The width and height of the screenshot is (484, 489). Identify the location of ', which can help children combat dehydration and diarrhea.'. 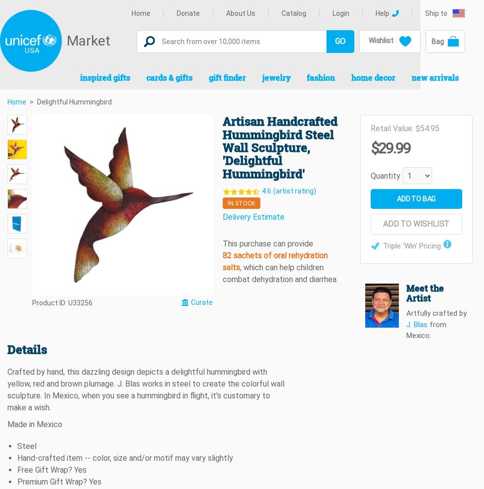
(280, 273).